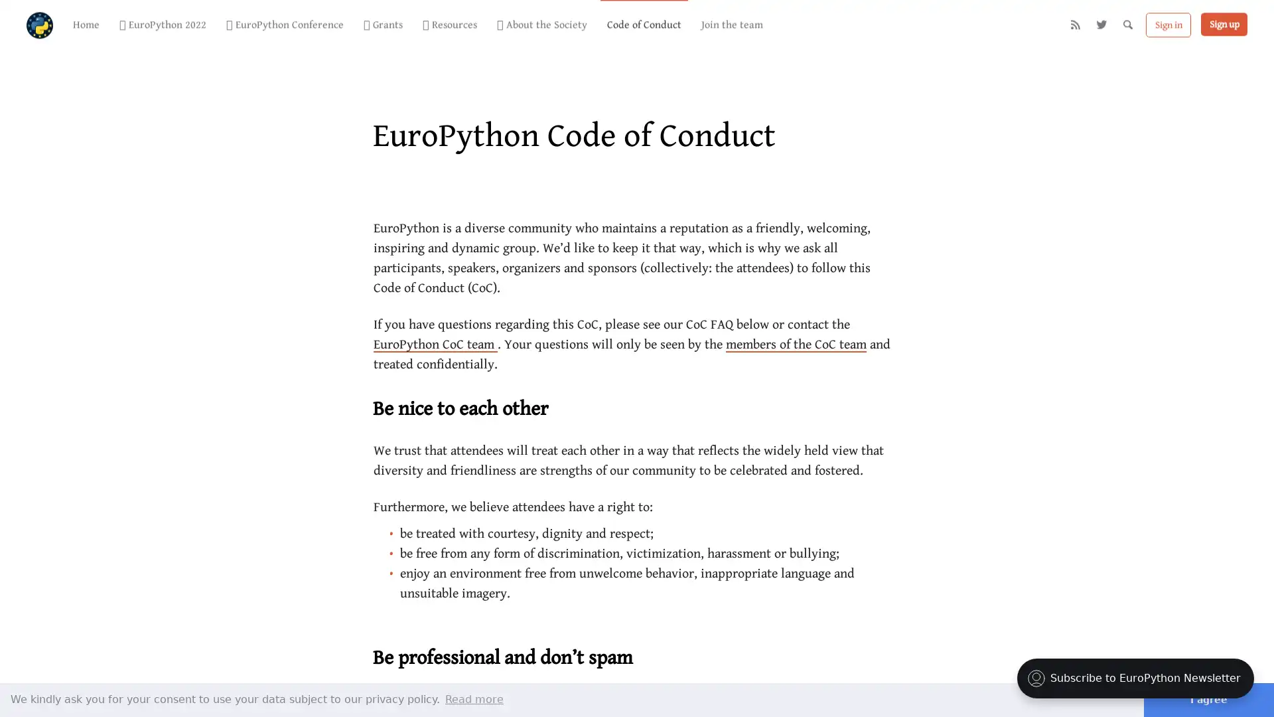 Image resolution: width=1274 pixels, height=717 pixels. Describe the element at coordinates (474, 698) in the screenshot. I see `learn more about cookies` at that location.